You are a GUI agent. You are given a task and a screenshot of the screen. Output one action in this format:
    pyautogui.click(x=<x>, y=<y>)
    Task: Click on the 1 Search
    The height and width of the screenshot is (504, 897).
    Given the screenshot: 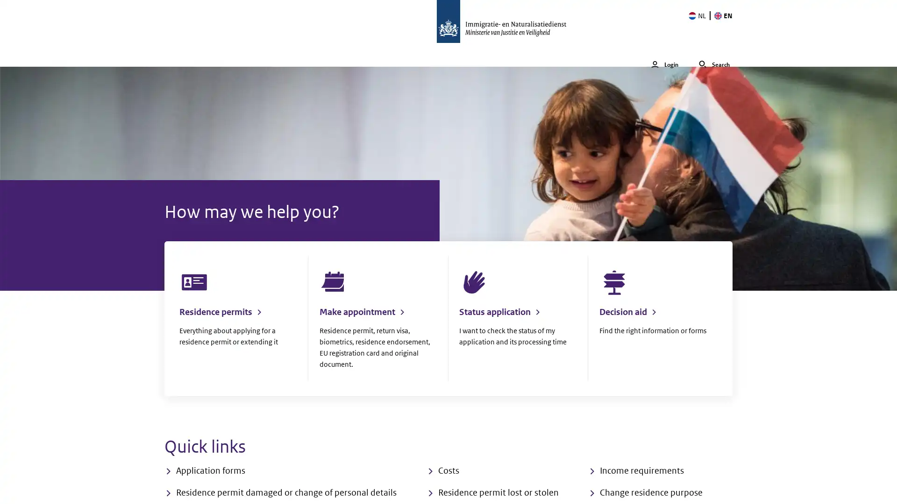 What is the action you would take?
    pyautogui.click(x=714, y=55)
    